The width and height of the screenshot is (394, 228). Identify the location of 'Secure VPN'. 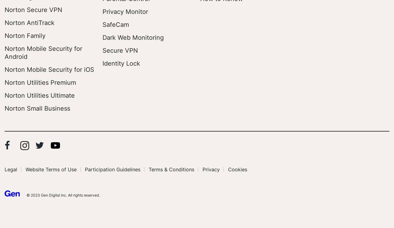
(120, 50).